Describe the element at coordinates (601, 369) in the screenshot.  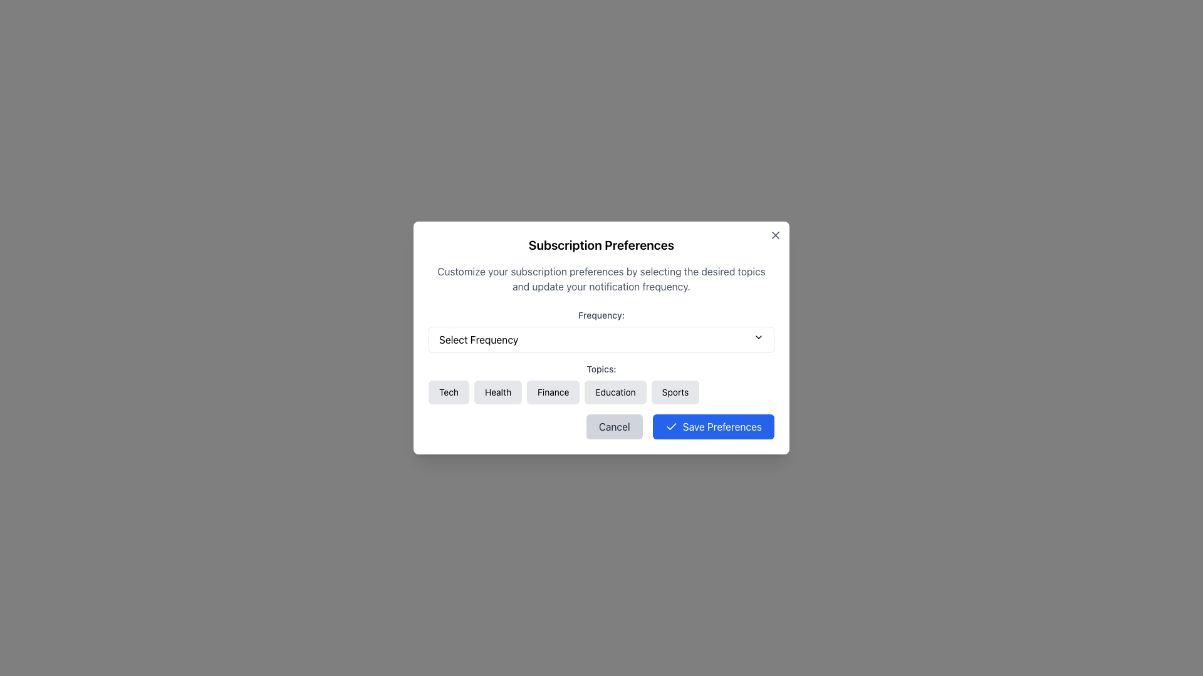
I see `the 'Topics:' label, which is a bolded small font text located in the 'Subscription Preferences' modal, positioned below the 'Frequency' dropdown and above selectable topic options` at that location.